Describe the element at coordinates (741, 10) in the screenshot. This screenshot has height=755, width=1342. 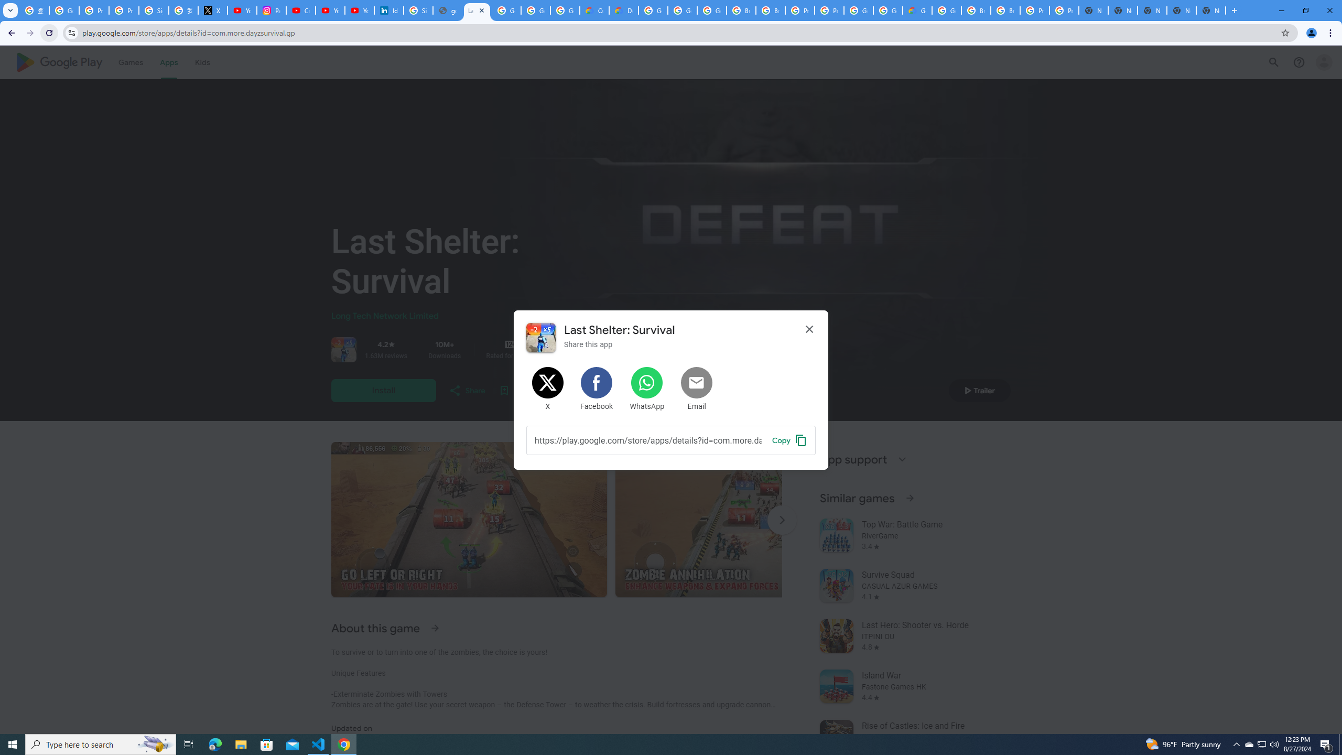
I see `'Browse Chrome as a guest - Computer - Google Chrome Help'` at that location.